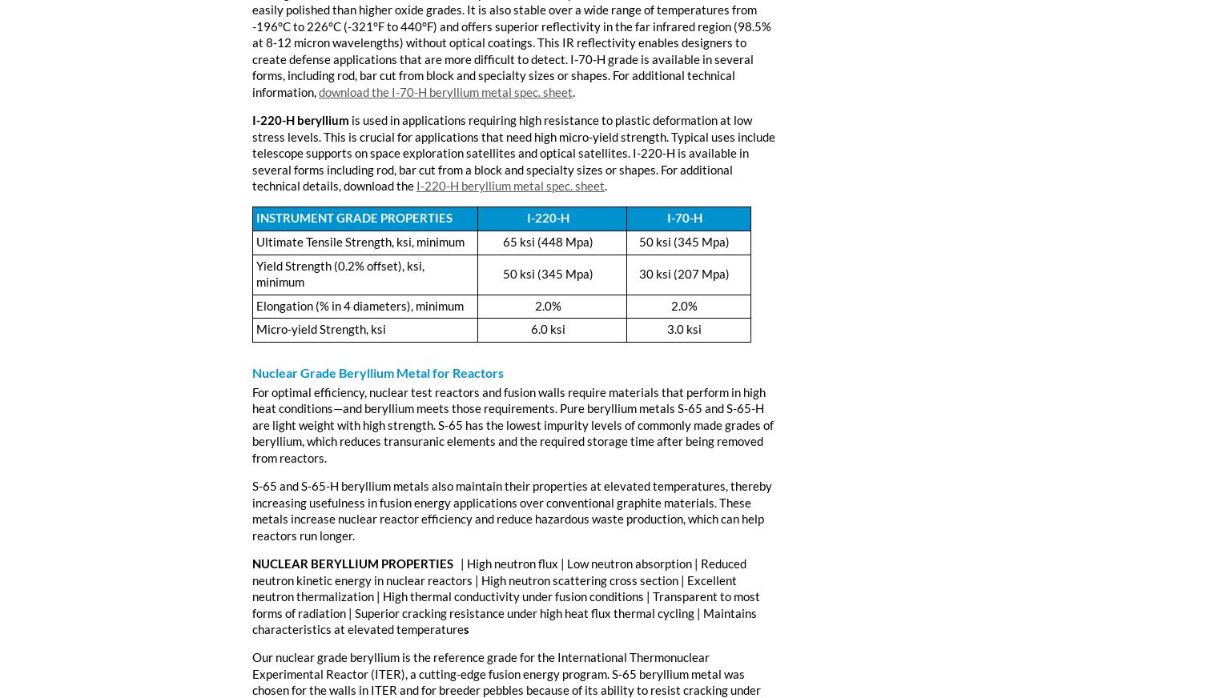 The height and width of the screenshot is (698, 1211). I want to click on 'Yield Strength (0.2% offset), ksi, minimum', so click(340, 273).